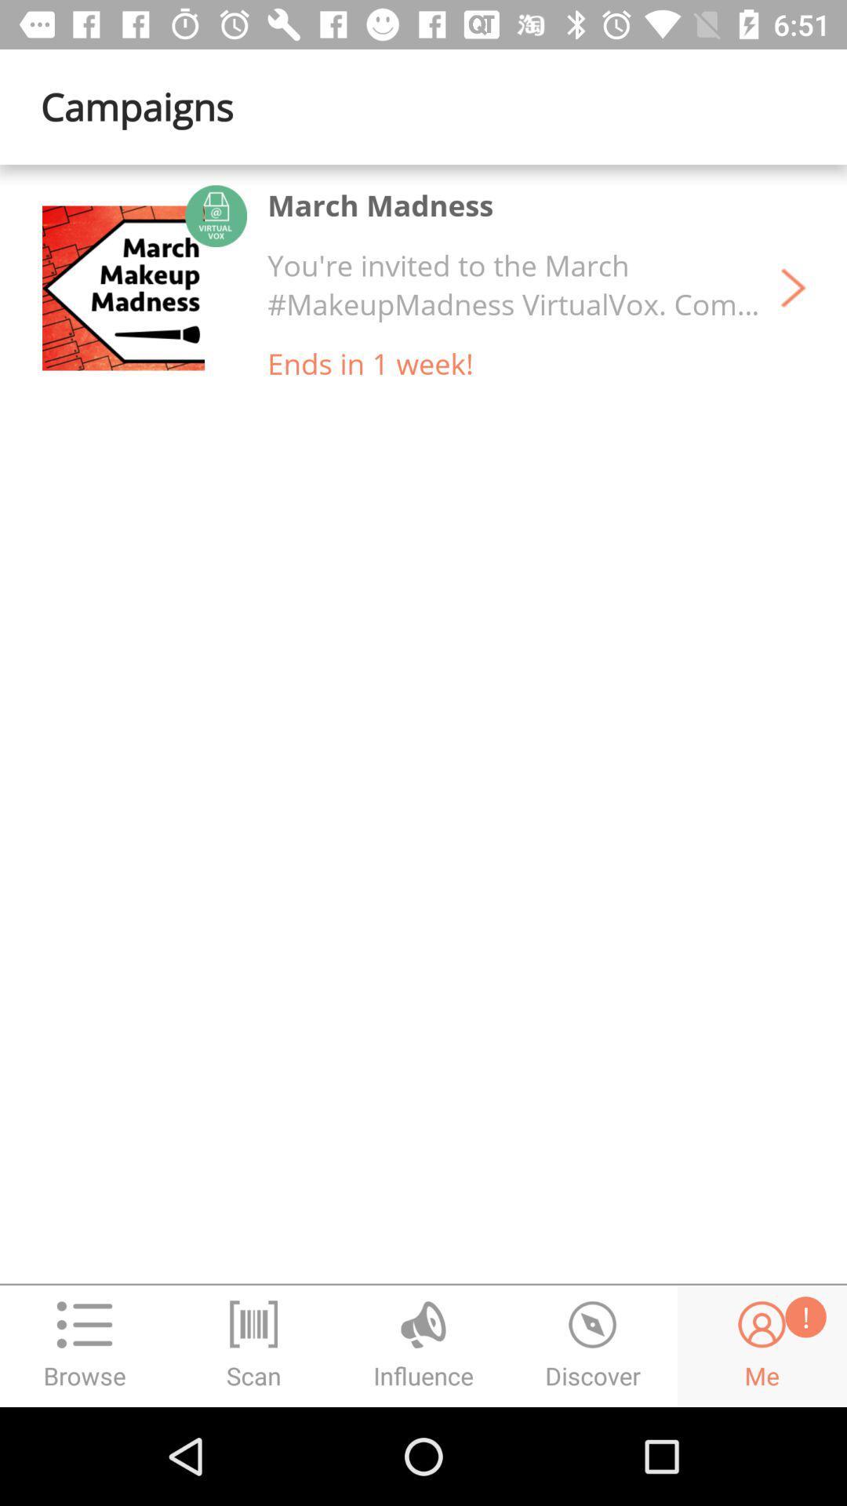  Describe the element at coordinates (793, 288) in the screenshot. I see `item to the right of the you re invited icon` at that location.